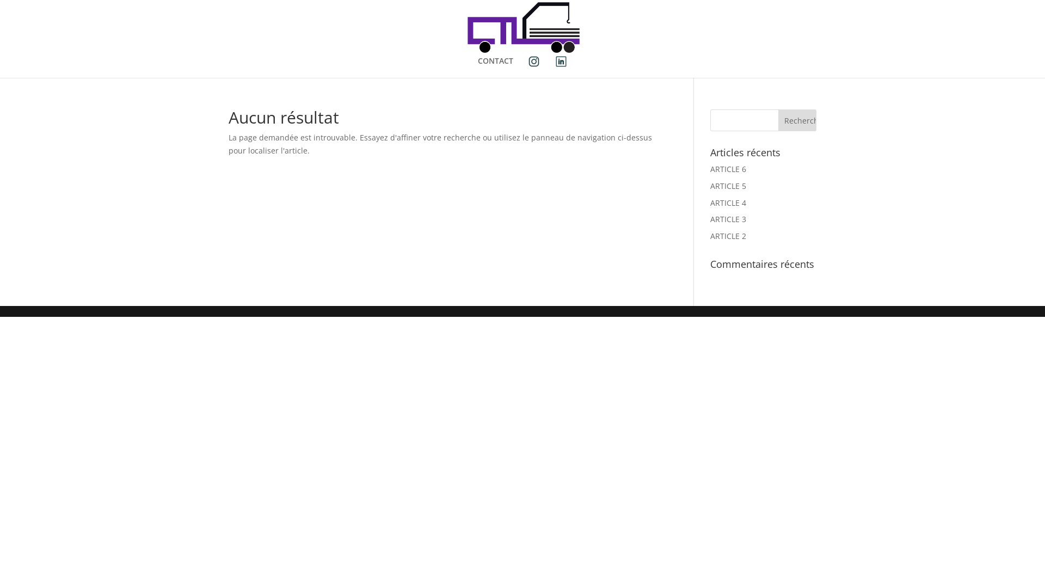 This screenshot has height=588, width=1045. I want to click on 'ARTICLE 4', so click(710, 203).